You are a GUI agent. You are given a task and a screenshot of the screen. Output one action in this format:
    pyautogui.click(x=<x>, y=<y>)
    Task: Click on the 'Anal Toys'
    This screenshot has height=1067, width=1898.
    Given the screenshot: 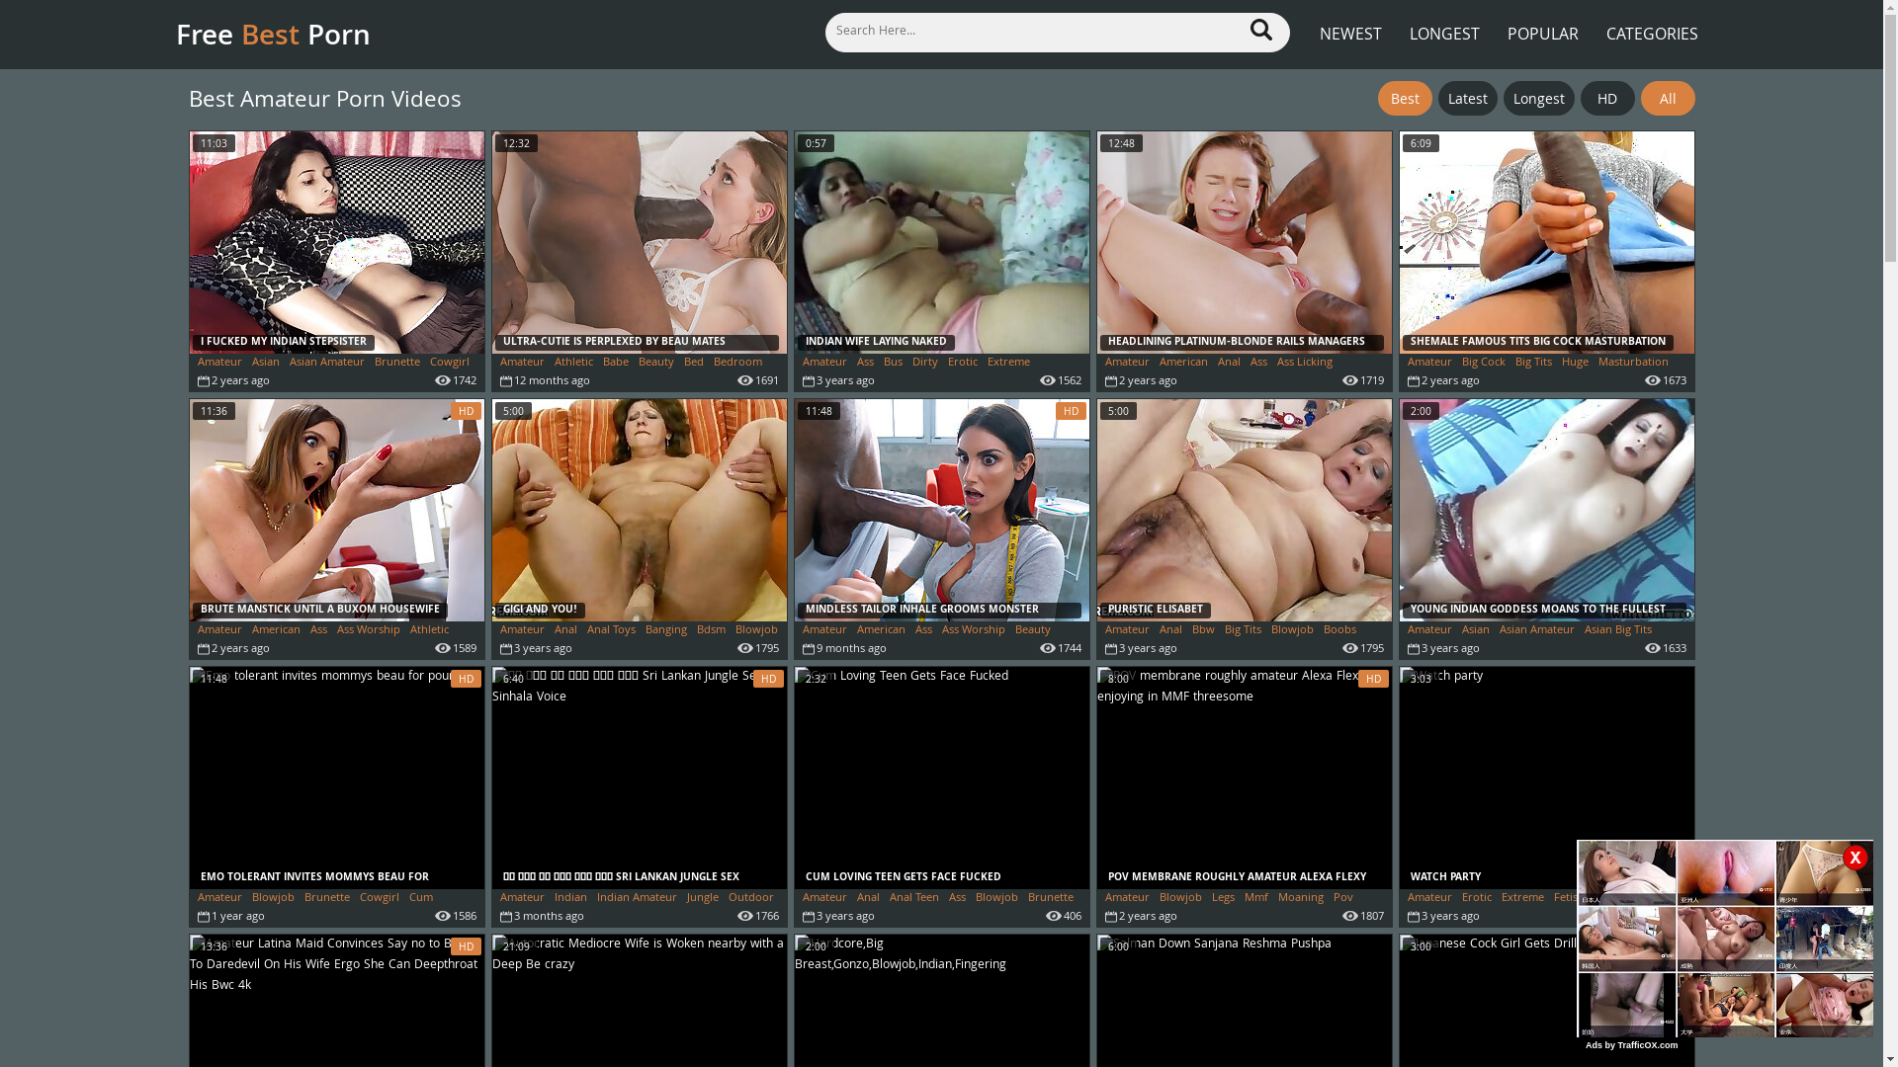 What is the action you would take?
    pyautogui.click(x=610, y=630)
    